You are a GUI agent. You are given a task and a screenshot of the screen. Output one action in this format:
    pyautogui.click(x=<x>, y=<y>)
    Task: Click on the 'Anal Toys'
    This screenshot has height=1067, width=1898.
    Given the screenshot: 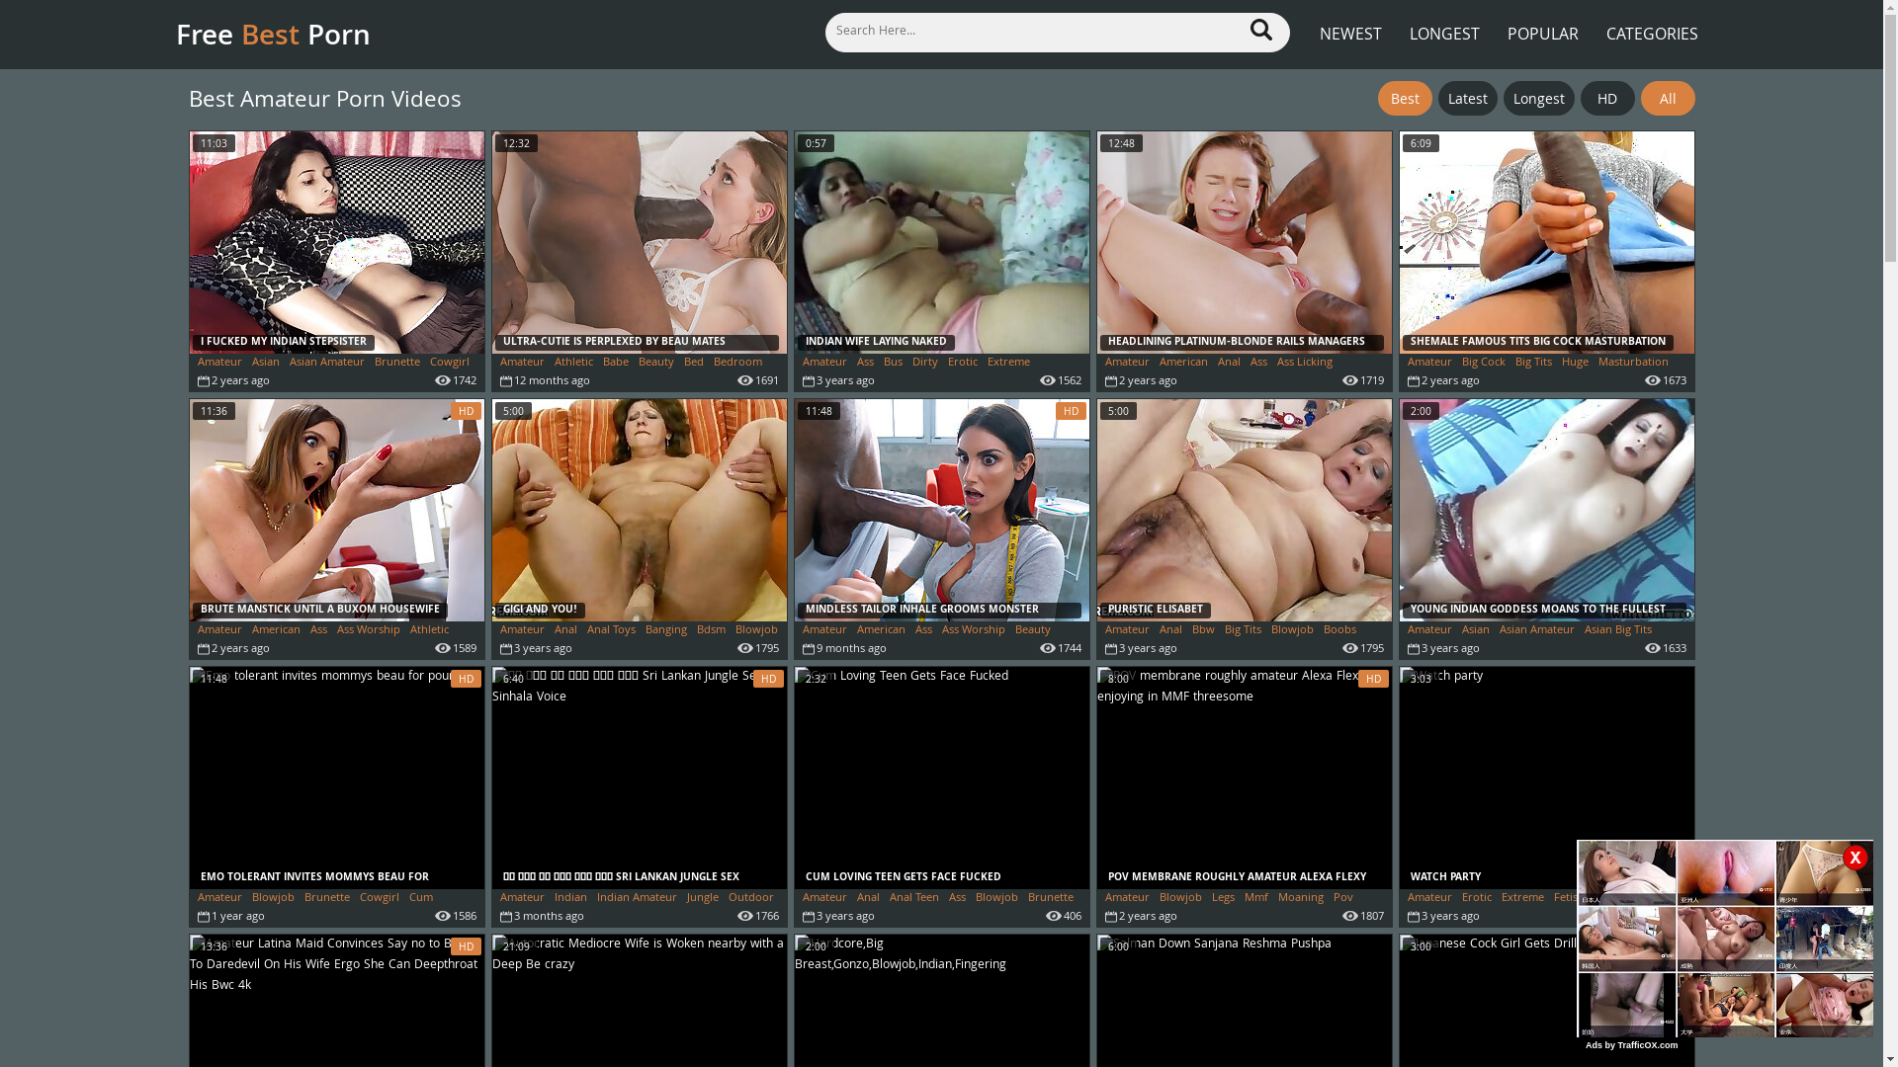 What is the action you would take?
    pyautogui.click(x=610, y=630)
    